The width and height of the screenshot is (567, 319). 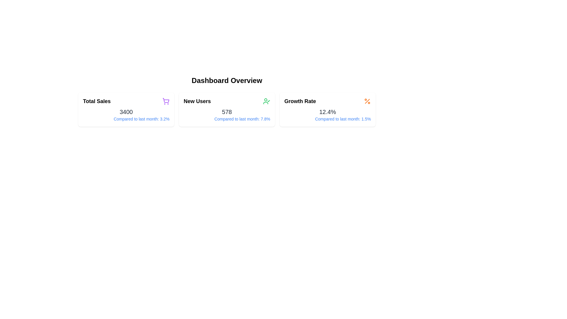 I want to click on the text snippet displaying 'Compared to last month: 7.8%' located in the bottom-right section of the 'New Users' card, so click(x=227, y=119).